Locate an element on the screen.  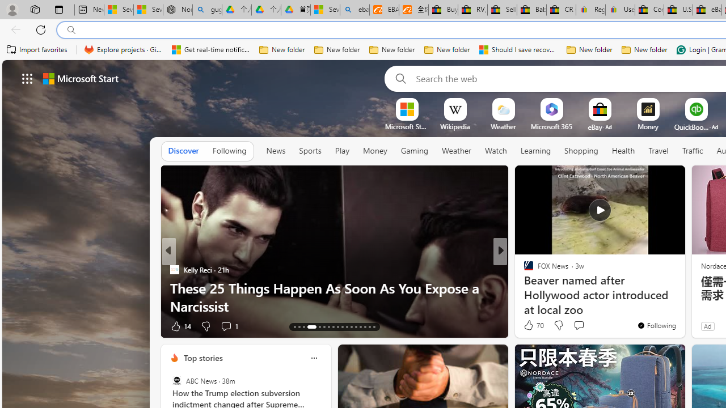
'App launcher' is located at coordinates (27, 78).